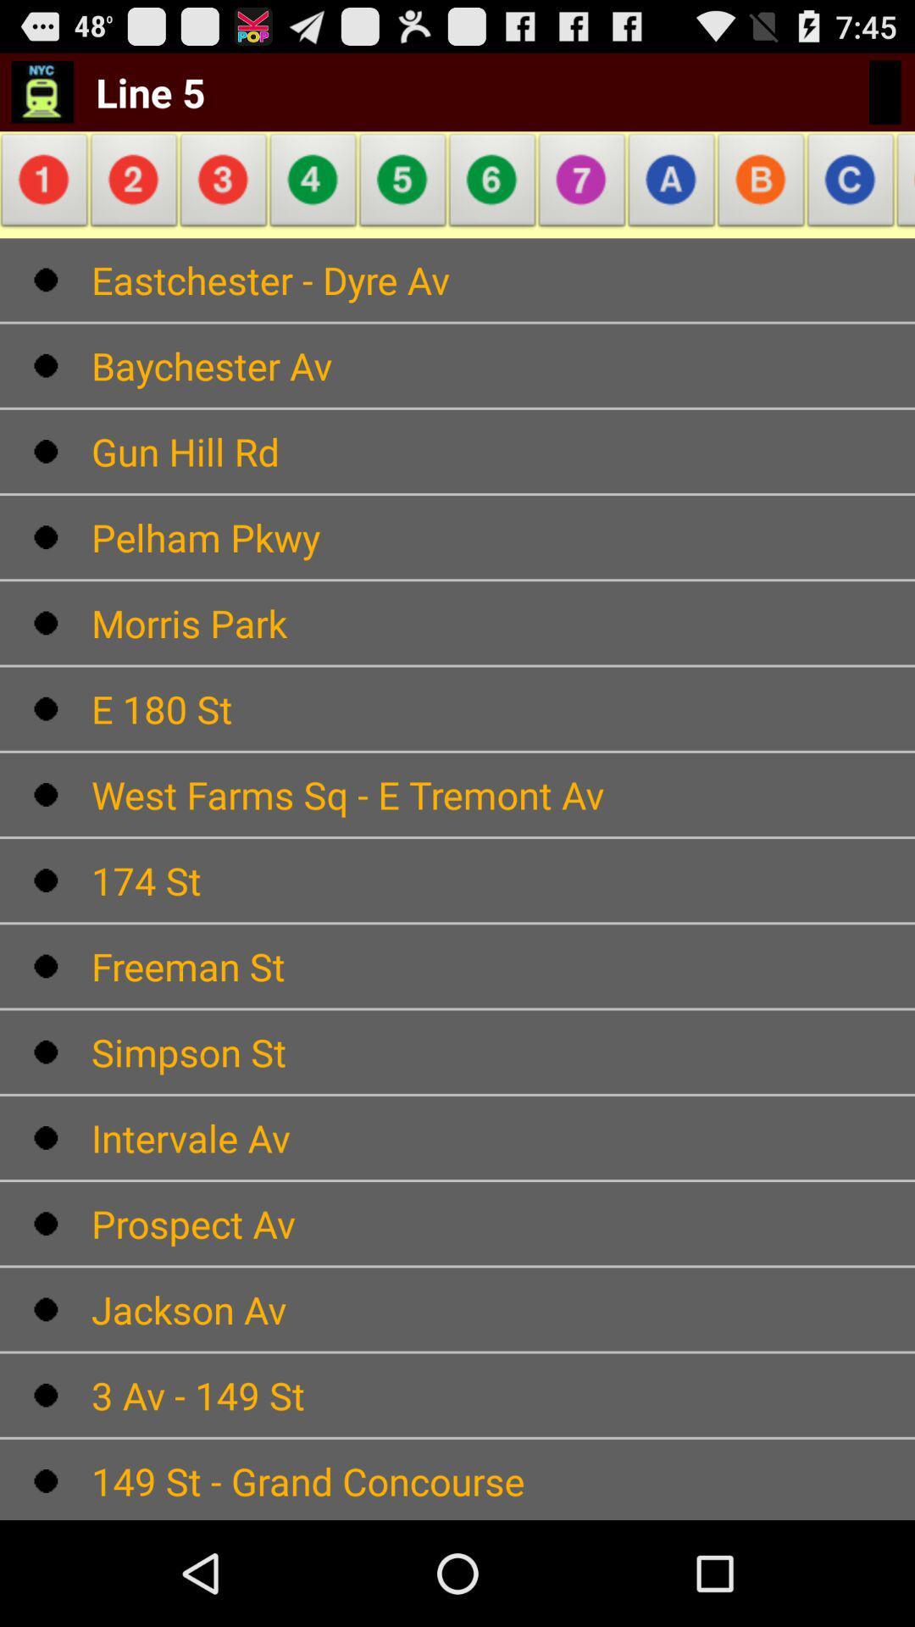  Describe the element at coordinates (502, 1224) in the screenshot. I see `the app above jackson av` at that location.